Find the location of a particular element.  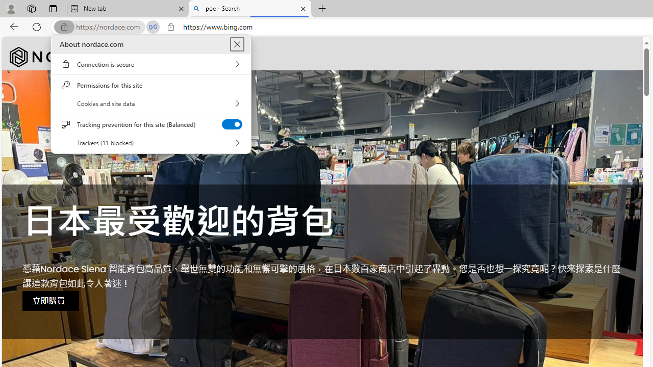

'Permissions for this site' is located at coordinates (150, 85).